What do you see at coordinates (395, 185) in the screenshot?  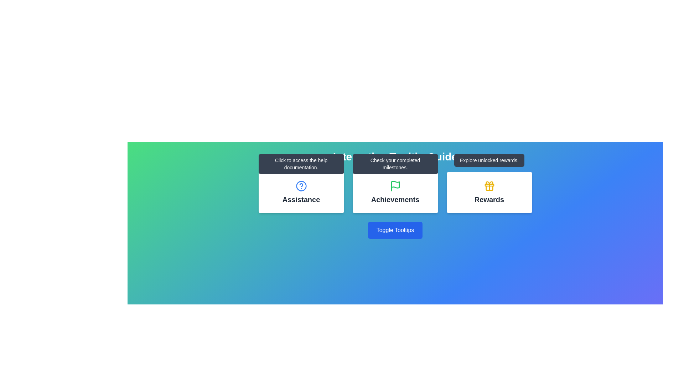 I see `the green flag icon, which is positioned centrally in the achievements section, above the title 'Achievements' and below the tooltip text 'Check your completed milestones.'` at bounding box center [395, 185].